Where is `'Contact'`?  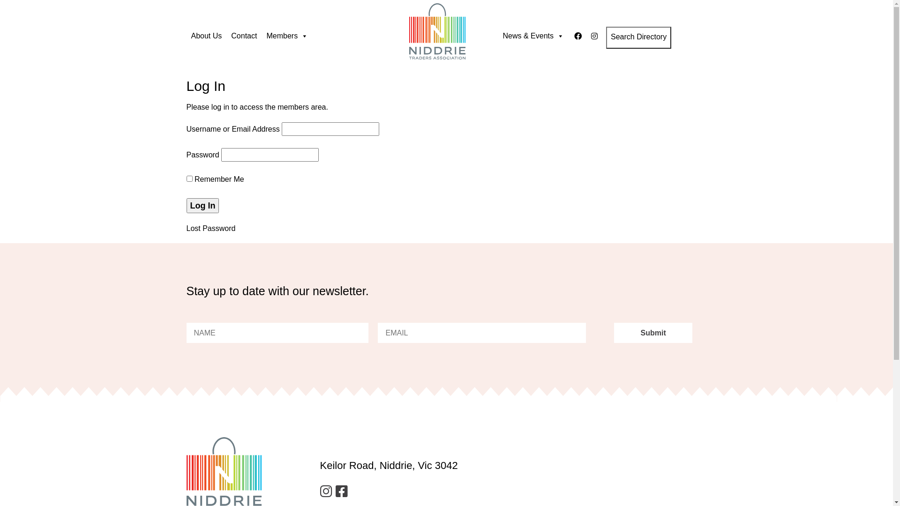 'Contact' is located at coordinates (244, 36).